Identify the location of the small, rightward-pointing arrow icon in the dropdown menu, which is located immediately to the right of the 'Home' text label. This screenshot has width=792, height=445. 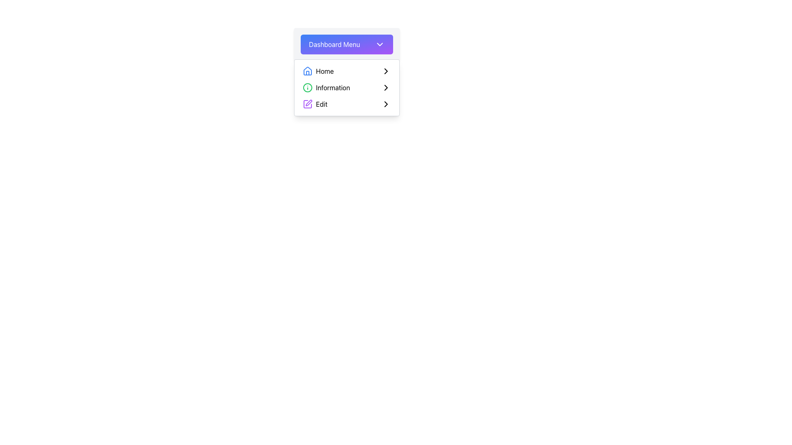
(386, 71).